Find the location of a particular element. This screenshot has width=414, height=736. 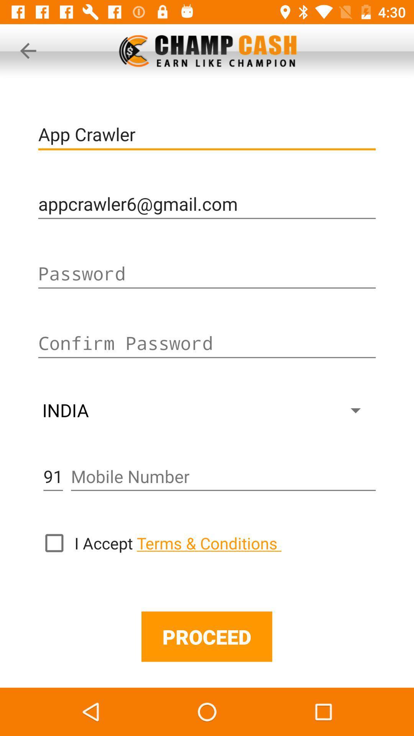

password is located at coordinates (207, 274).